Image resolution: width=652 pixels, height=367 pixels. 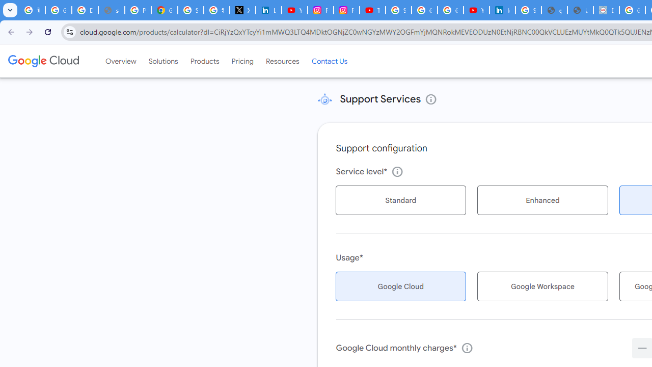 I want to click on 'google_privacy_policy_en.pdf', so click(x=554, y=10).